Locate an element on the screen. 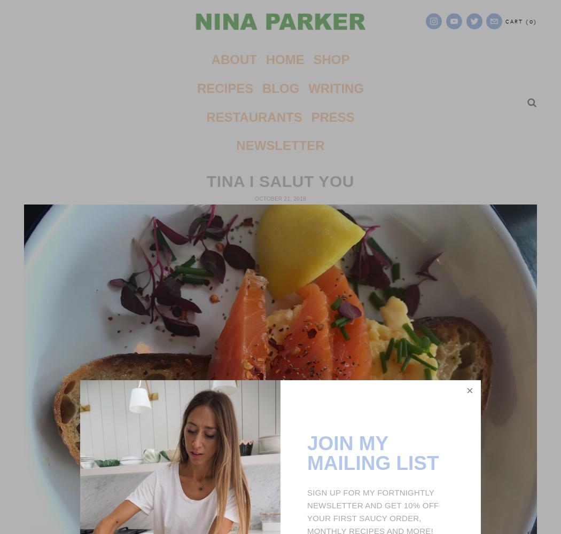 This screenshot has width=561, height=534. 'Tina I Salut You' is located at coordinates (279, 180).